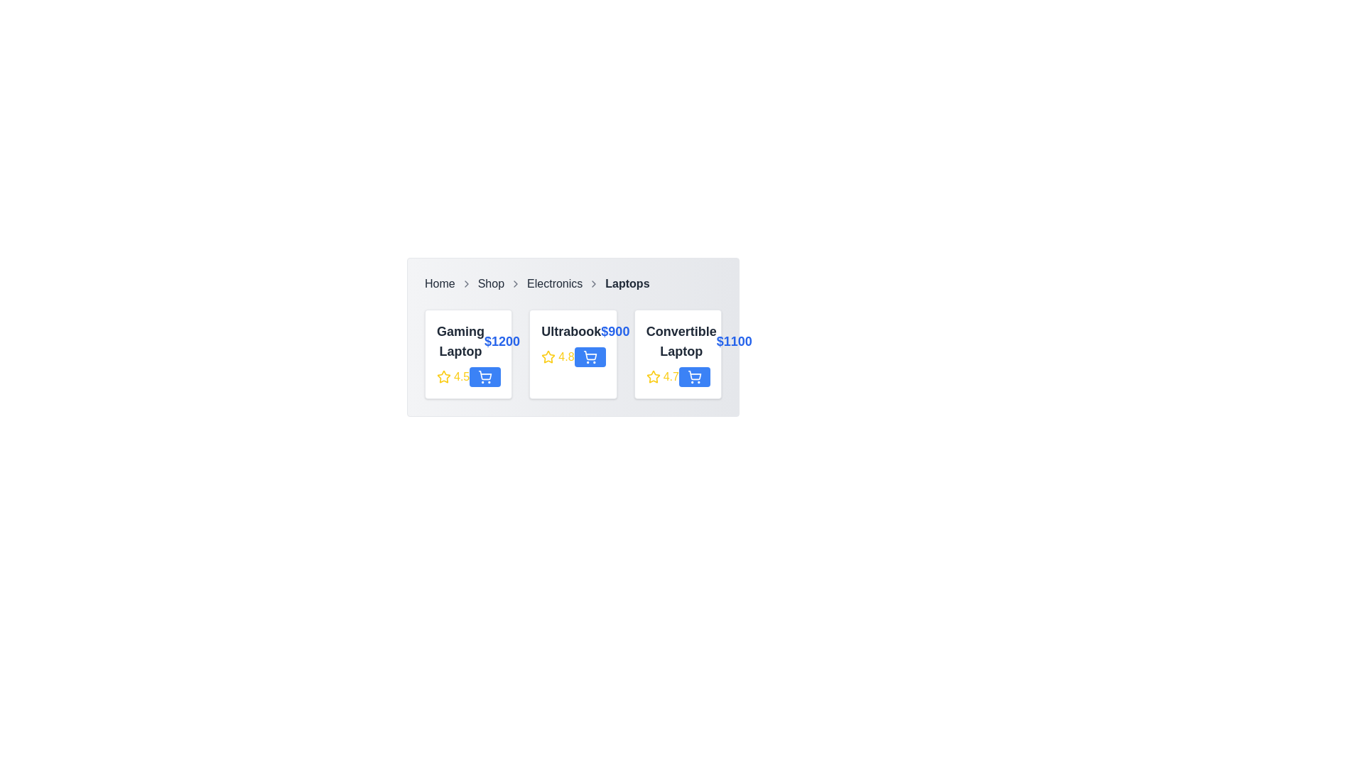 Image resolution: width=1364 pixels, height=767 pixels. Describe the element at coordinates (590, 356) in the screenshot. I see `the blue rectangular button with rounded corners that has a white shopping cart icon` at that location.